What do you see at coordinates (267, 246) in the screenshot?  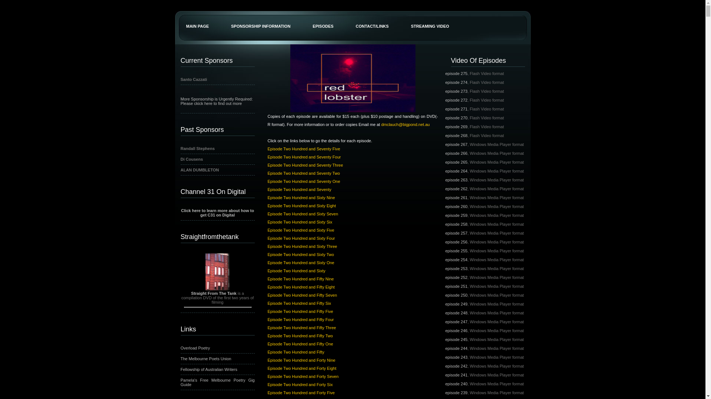 I see `'Episode Two Hundred and Sixty Three'` at bounding box center [267, 246].